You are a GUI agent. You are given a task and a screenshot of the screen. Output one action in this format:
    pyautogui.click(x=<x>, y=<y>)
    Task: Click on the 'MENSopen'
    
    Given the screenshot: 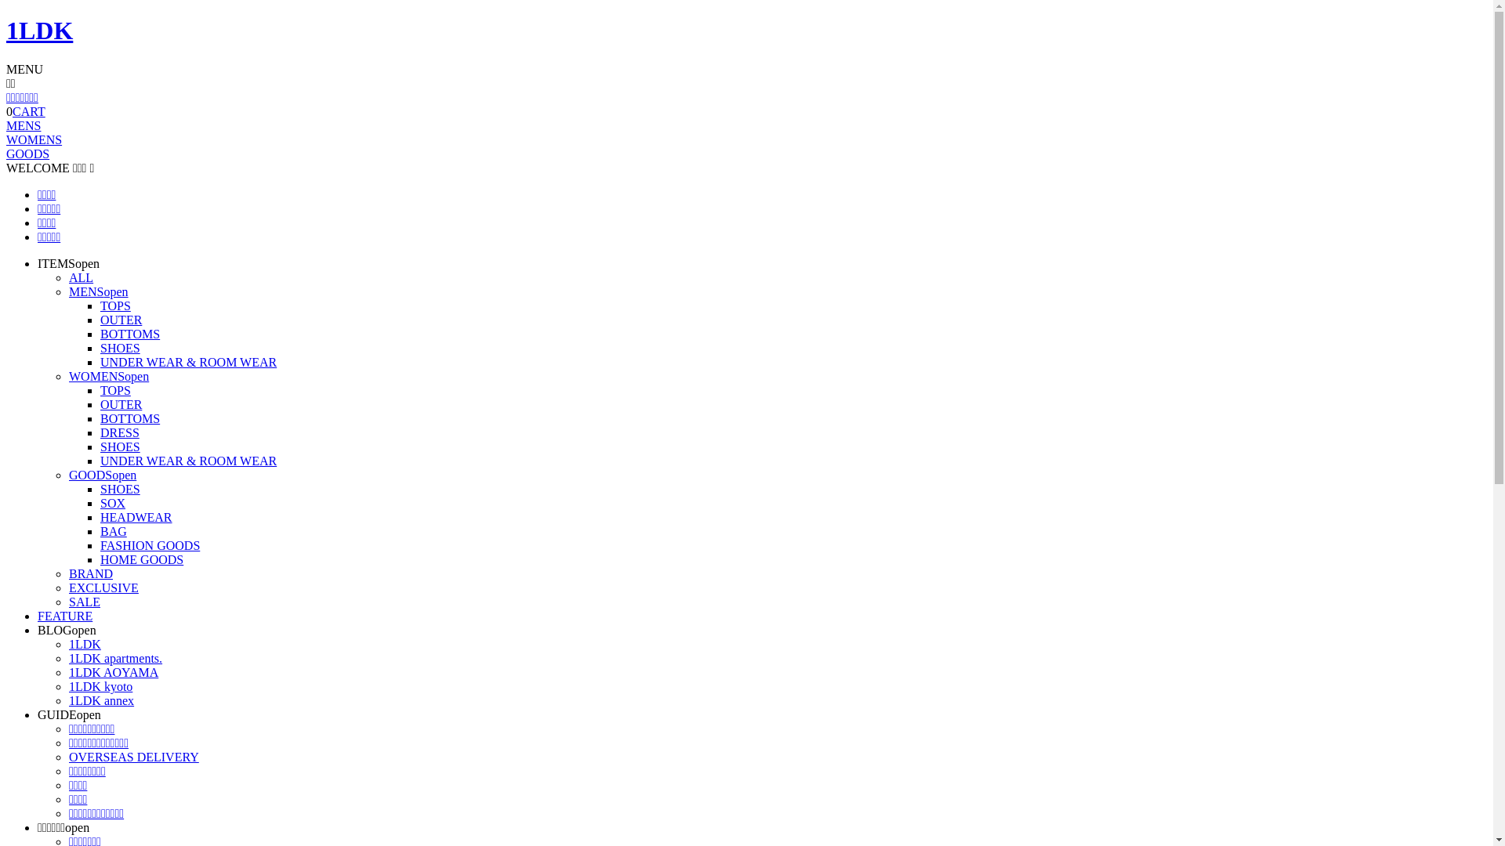 What is the action you would take?
    pyautogui.click(x=97, y=291)
    